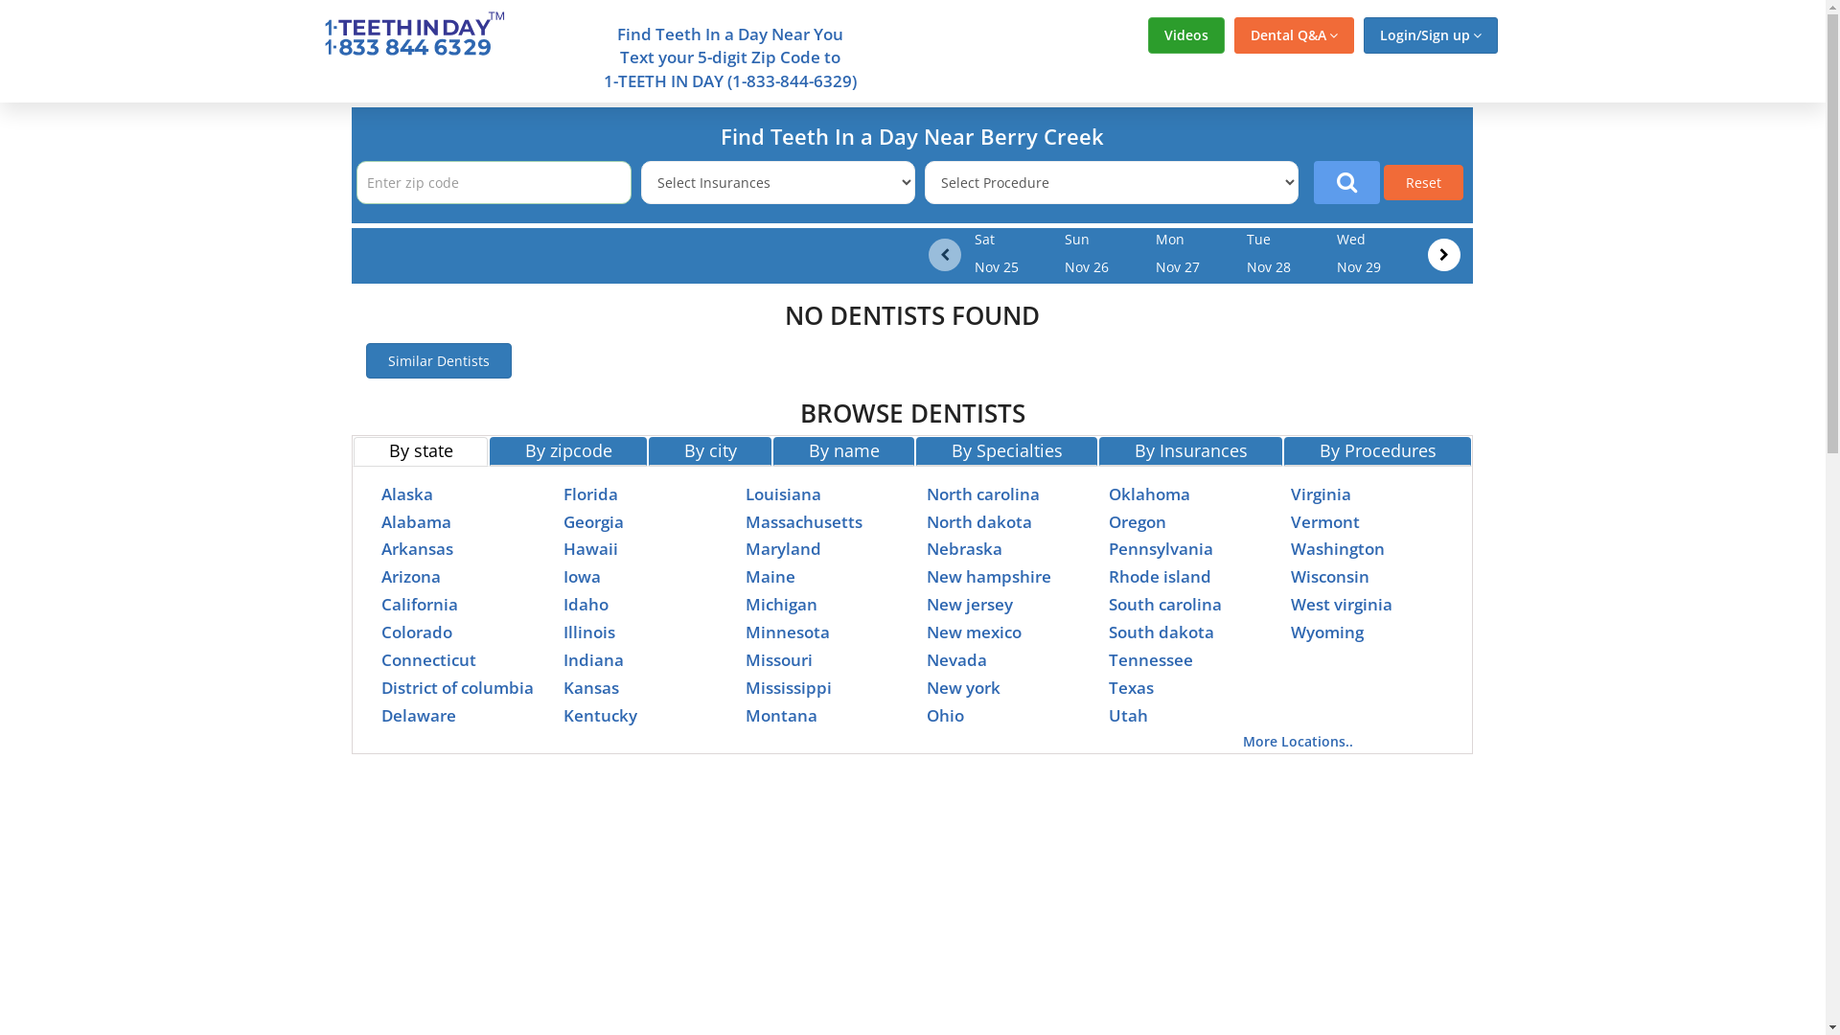  I want to click on 'New mexico', so click(926, 632).